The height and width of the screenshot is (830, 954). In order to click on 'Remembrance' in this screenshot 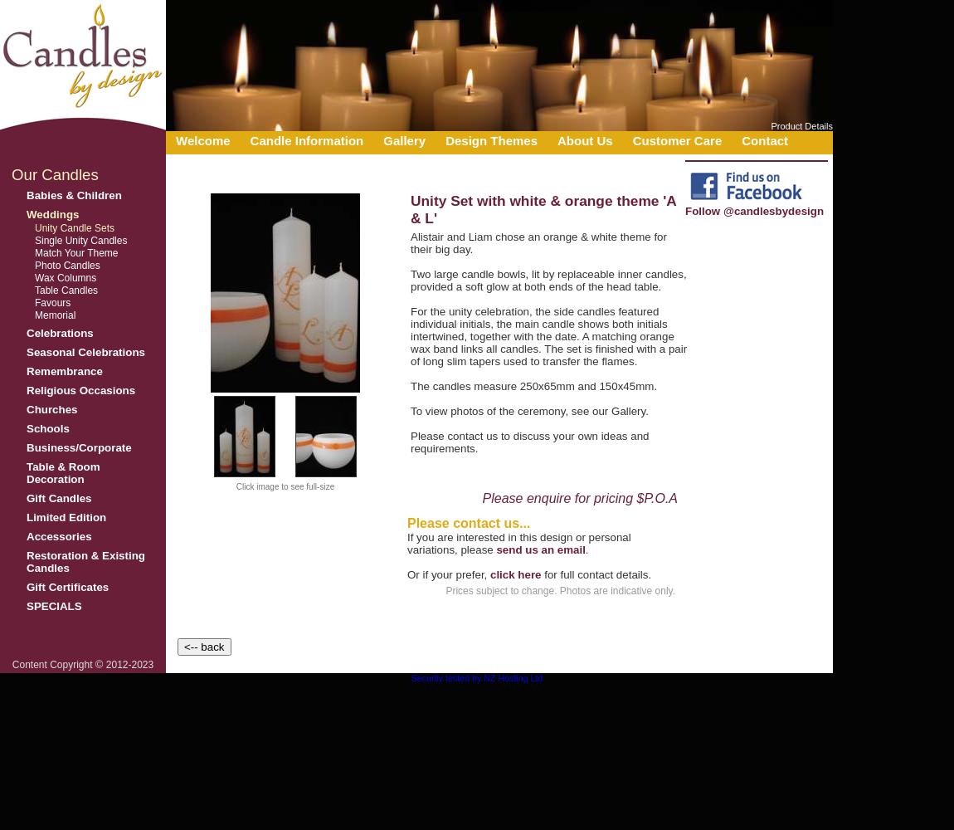, I will do `click(25, 370)`.